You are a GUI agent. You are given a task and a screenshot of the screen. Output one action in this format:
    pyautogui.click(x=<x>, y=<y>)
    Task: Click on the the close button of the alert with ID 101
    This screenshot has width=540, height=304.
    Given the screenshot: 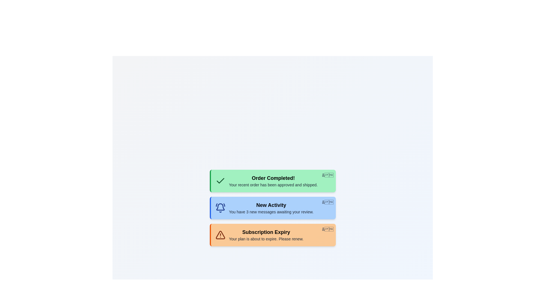 What is the action you would take?
    pyautogui.click(x=328, y=175)
    